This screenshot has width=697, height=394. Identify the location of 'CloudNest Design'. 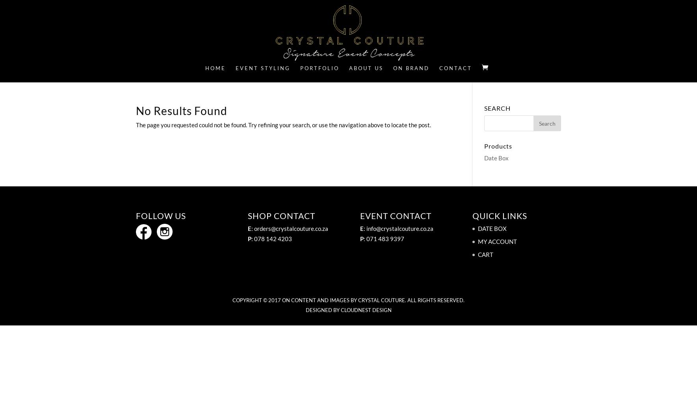
(366, 310).